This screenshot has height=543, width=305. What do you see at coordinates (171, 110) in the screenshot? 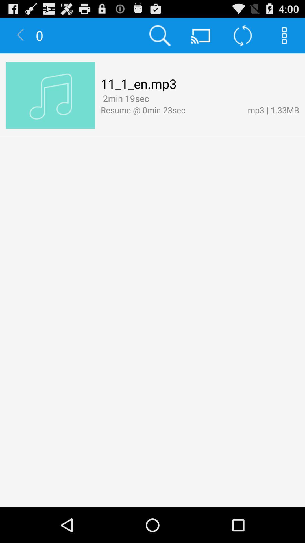
I see `icon to the left of mp3 | 1.33mb app` at bounding box center [171, 110].